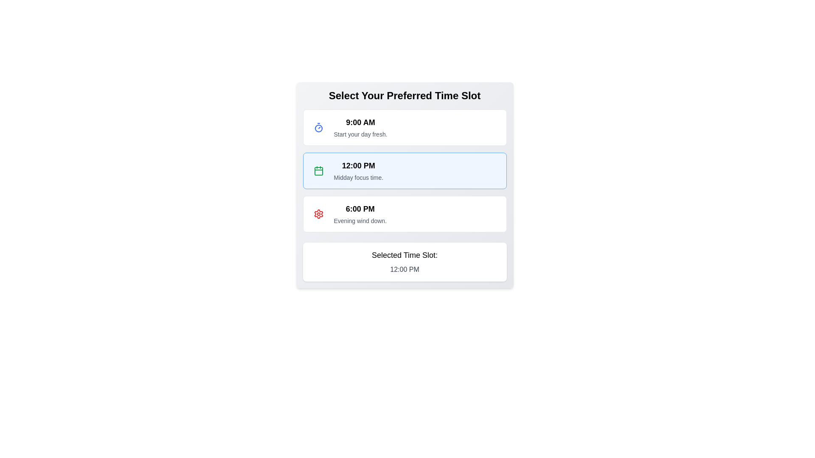  Describe the element at coordinates (318, 170) in the screenshot. I see `the green outlined calendar icon located inside the blue-highlighted context box labeled '12:00 PM Midday focus time' by moving the cursor to its center point` at that location.